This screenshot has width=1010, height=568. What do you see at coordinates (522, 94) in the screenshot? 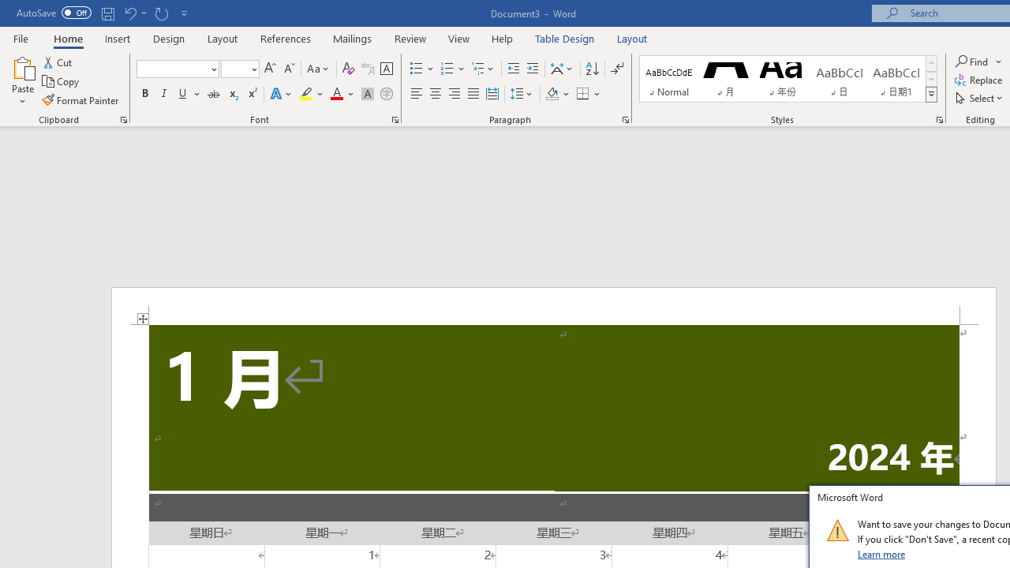
I see `'Line and Paragraph Spacing'` at bounding box center [522, 94].